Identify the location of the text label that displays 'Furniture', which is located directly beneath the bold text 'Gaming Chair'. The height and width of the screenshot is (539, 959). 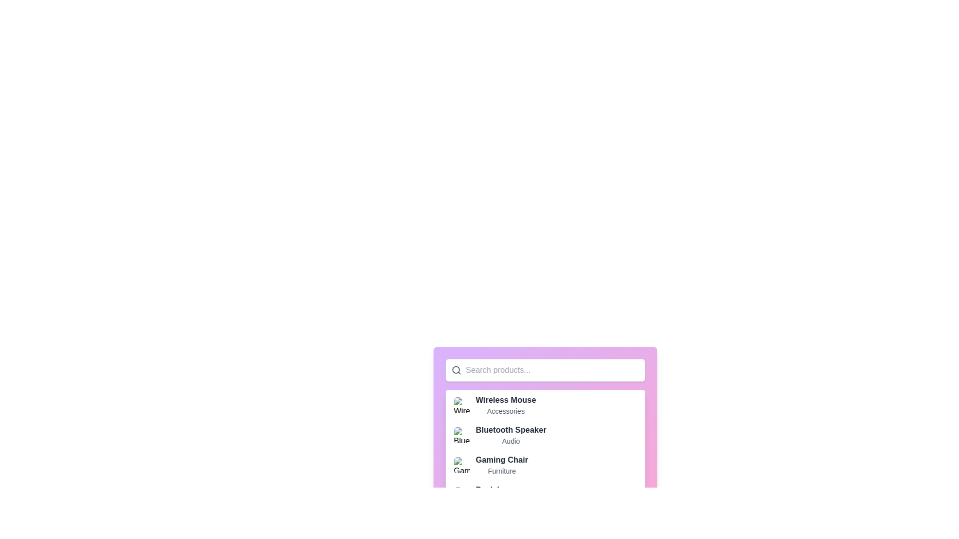
(501, 471).